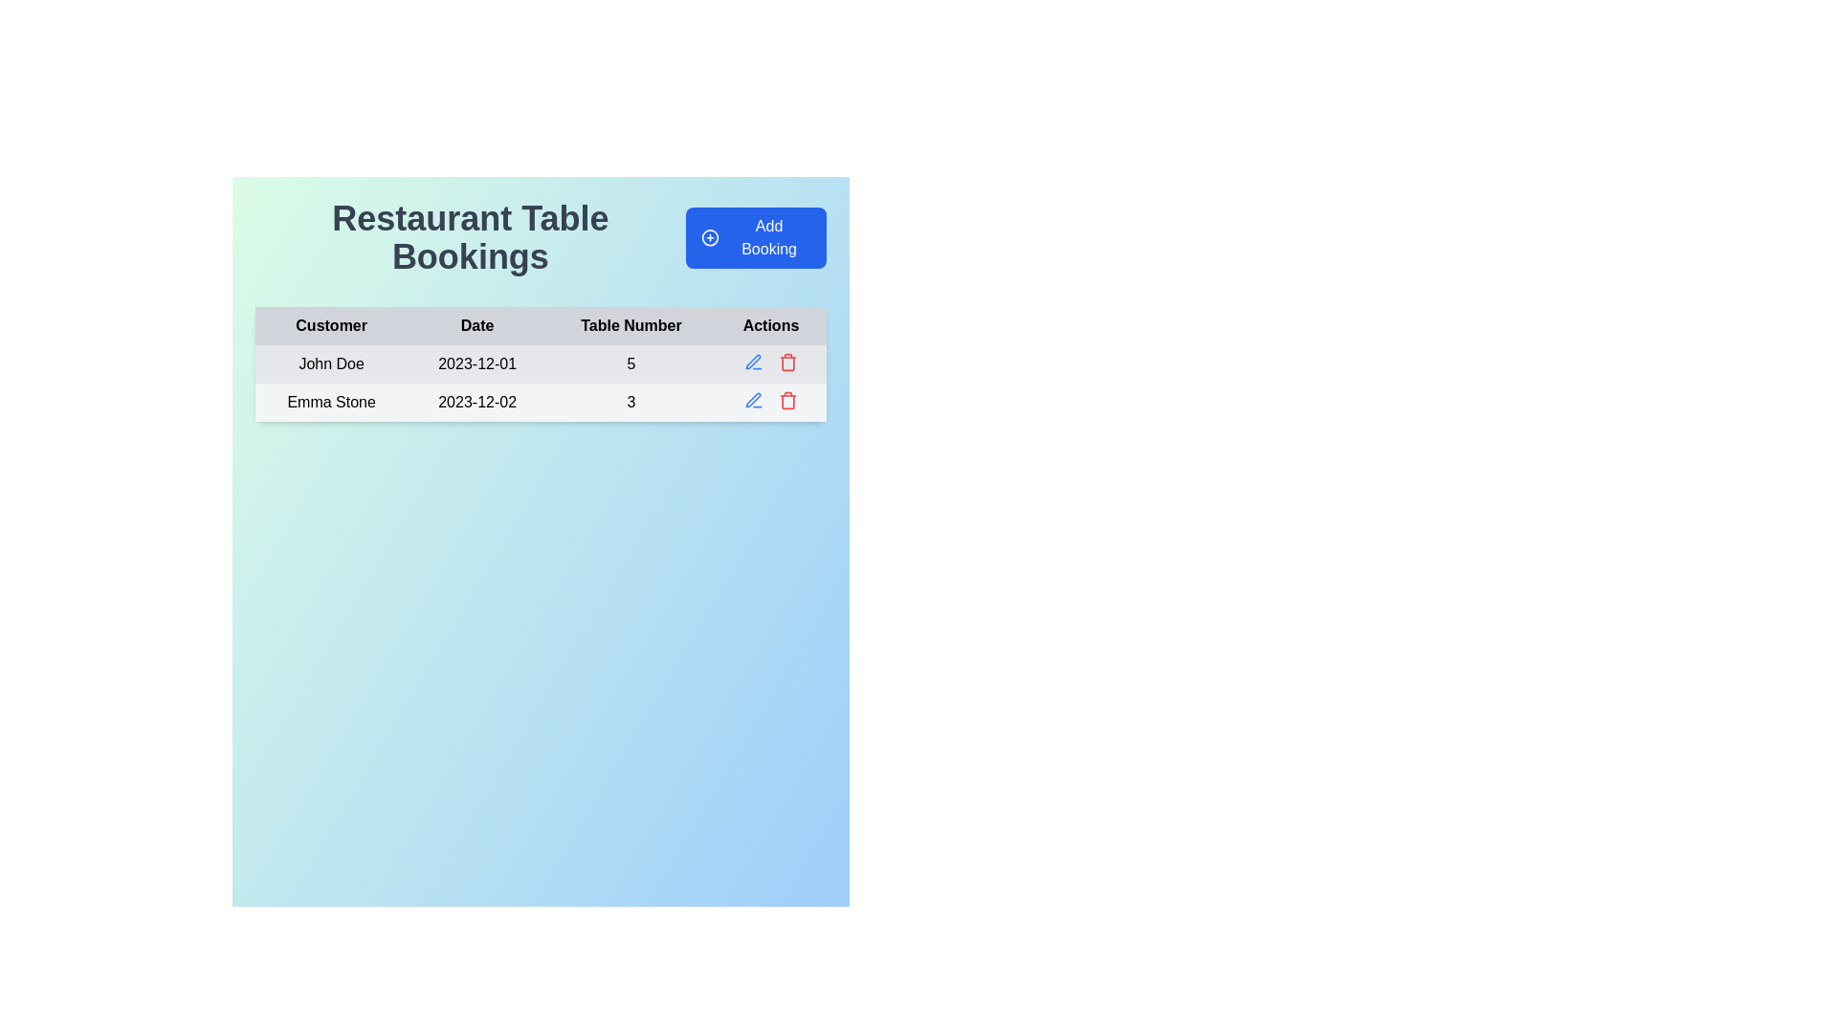 The width and height of the screenshot is (1837, 1033). Describe the element at coordinates (331, 324) in the screenshot. I see `the Text Label which is the first column header for customer names in the table layout, positioned at the top-left of the table` at that location.